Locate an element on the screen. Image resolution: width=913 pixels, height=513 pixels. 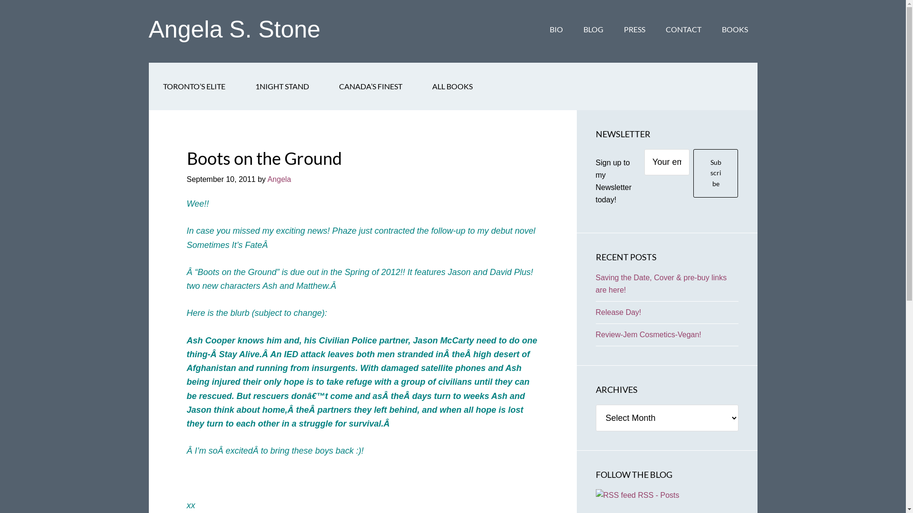
'Release Day!' is located at coordinates (618, 312).